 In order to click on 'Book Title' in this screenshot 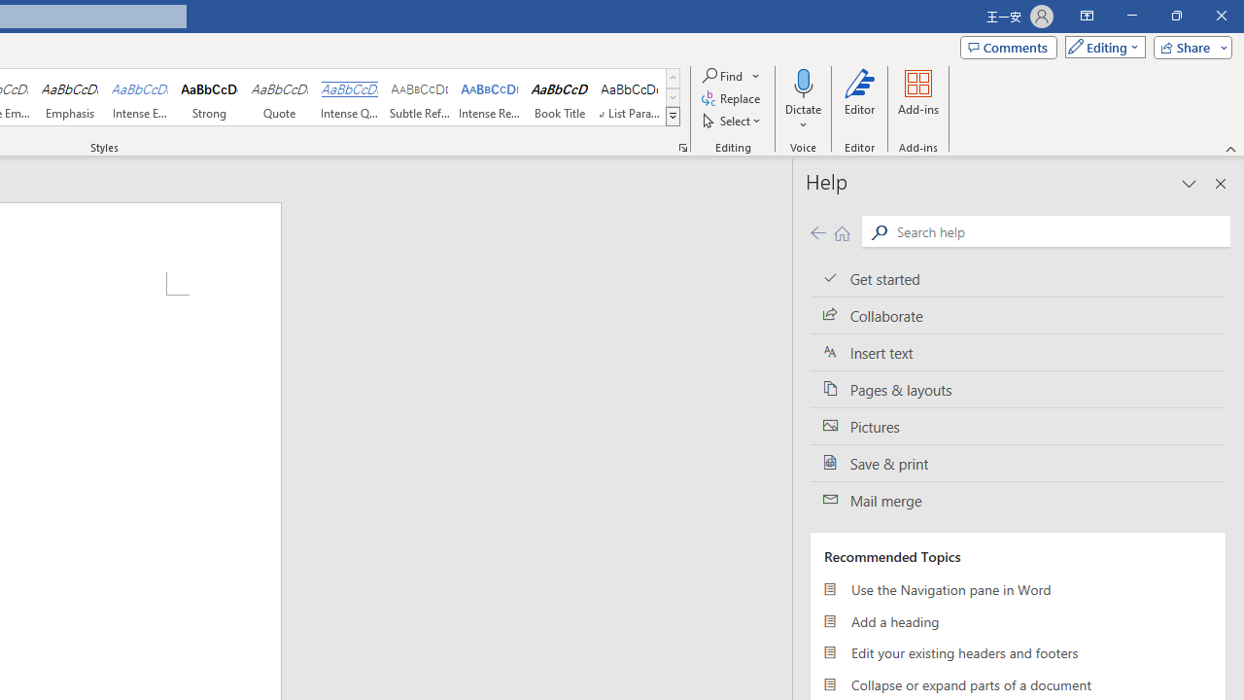, I will do `click(559, 97)`.